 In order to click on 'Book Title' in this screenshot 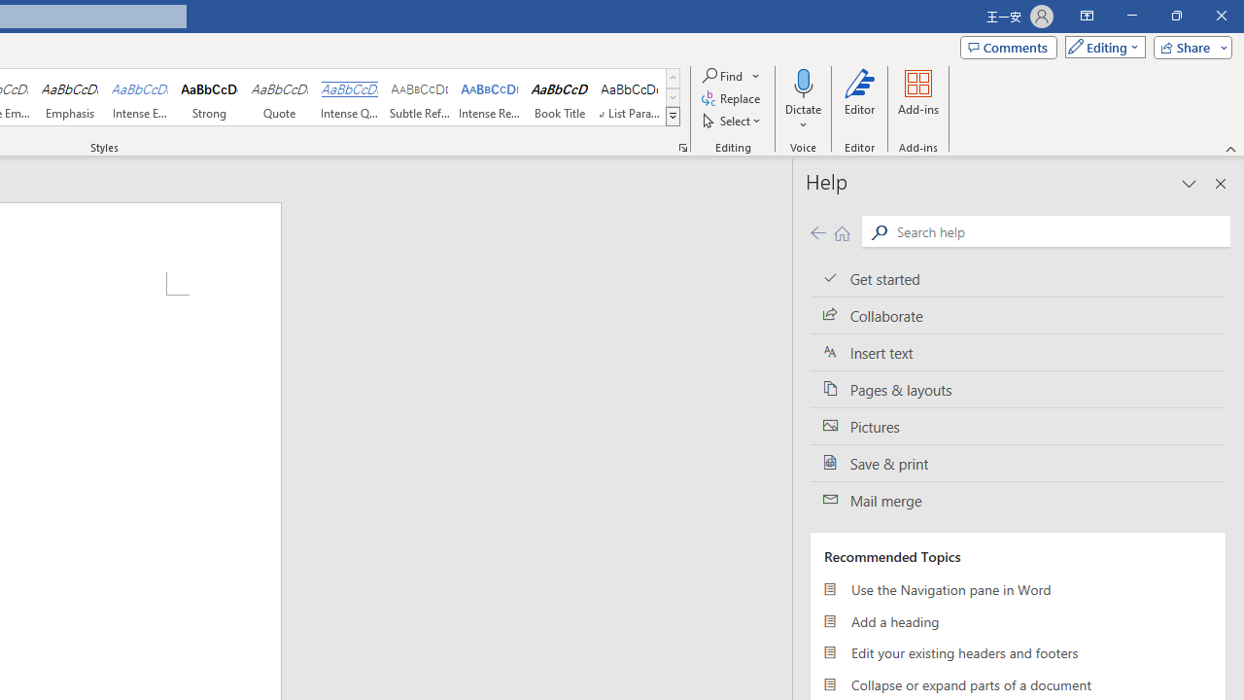, I will do `click(559, 97)`.